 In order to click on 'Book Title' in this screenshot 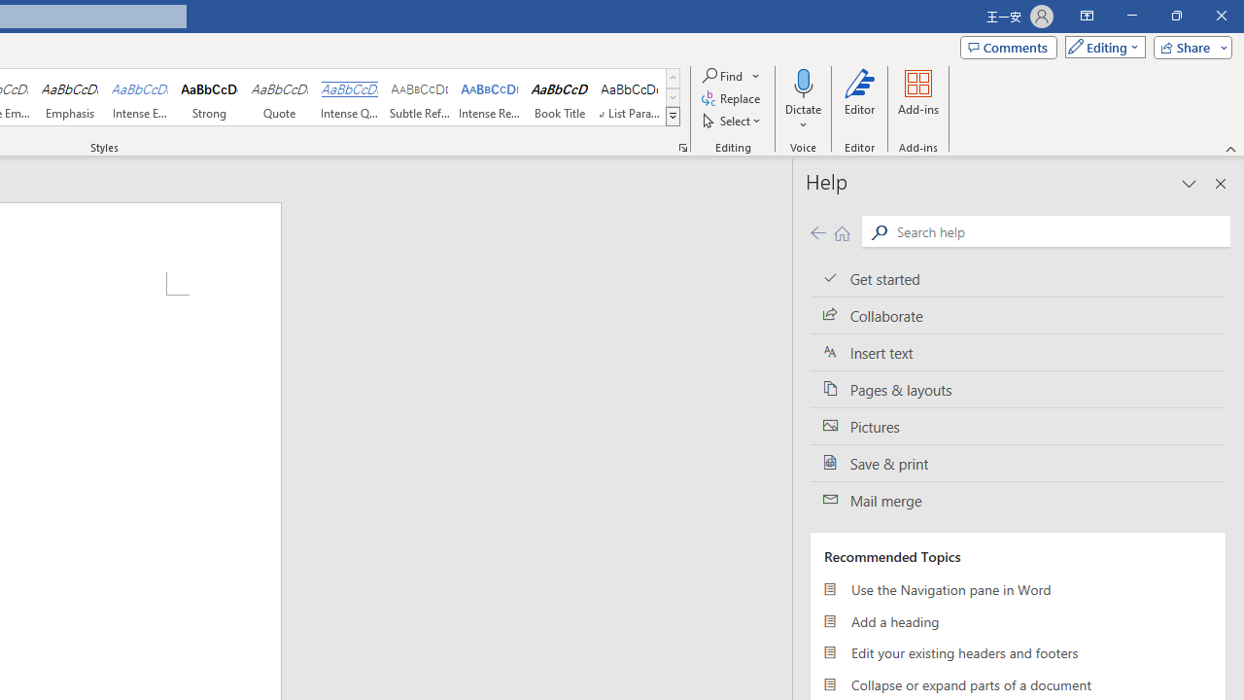, I will do `click(559, 97)`.